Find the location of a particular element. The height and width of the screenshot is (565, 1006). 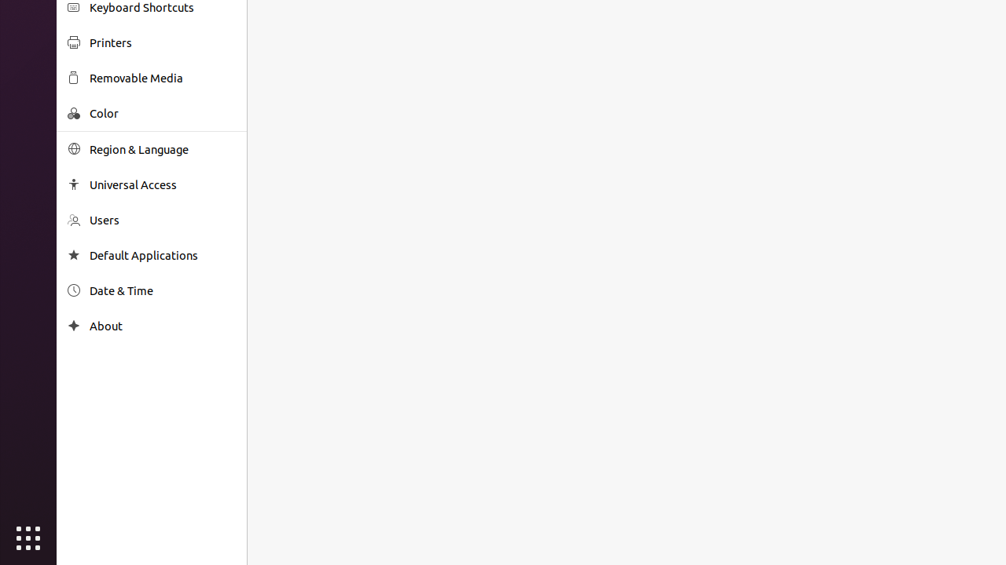

'Removable Media' is located at coordinates (162, 78).